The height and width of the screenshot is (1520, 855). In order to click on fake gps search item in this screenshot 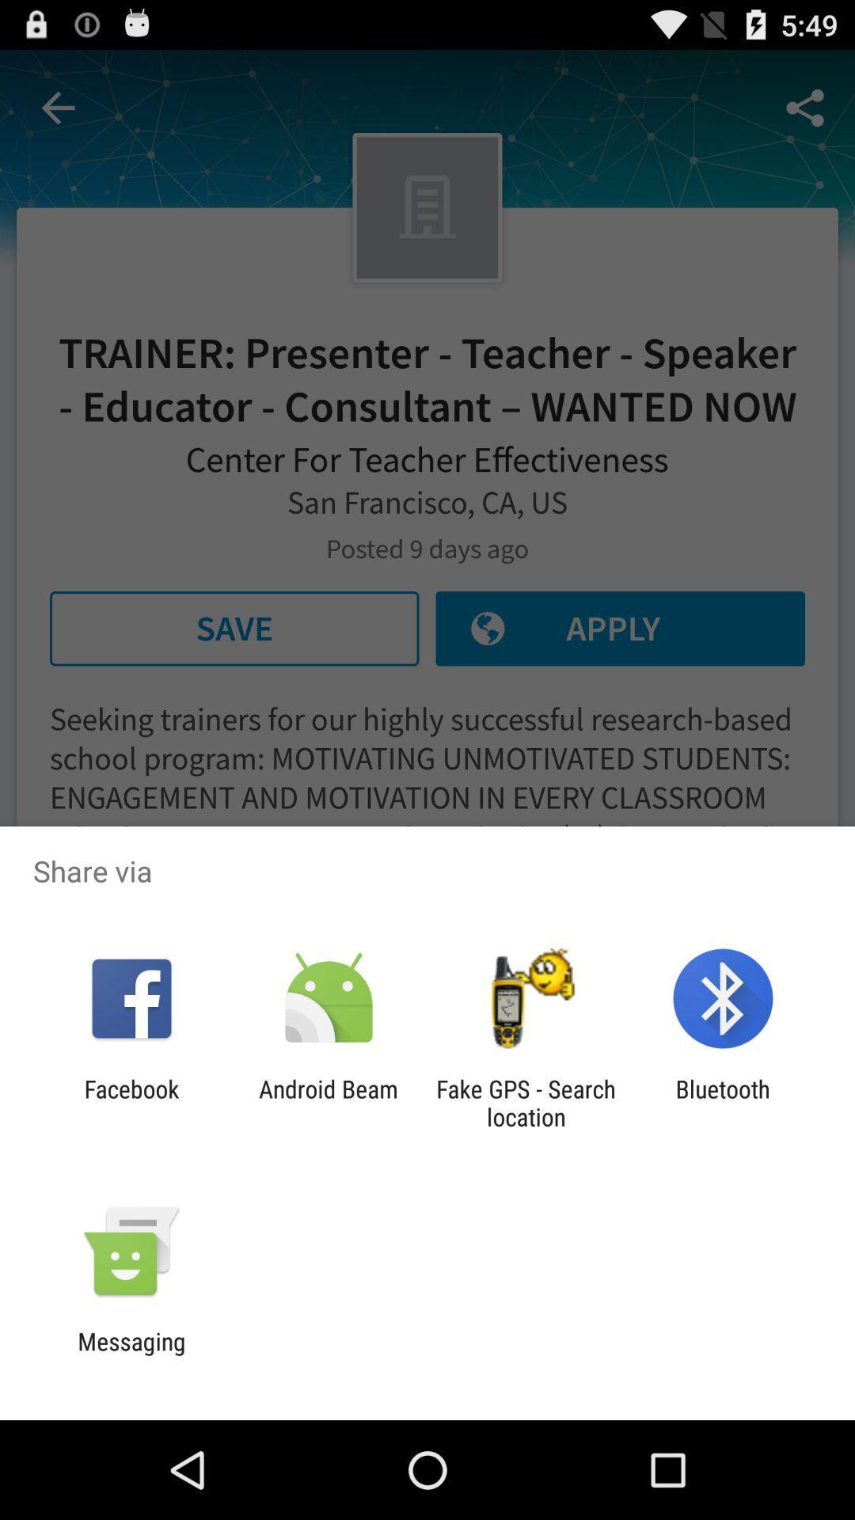, I will do `click(526, 1102)`.